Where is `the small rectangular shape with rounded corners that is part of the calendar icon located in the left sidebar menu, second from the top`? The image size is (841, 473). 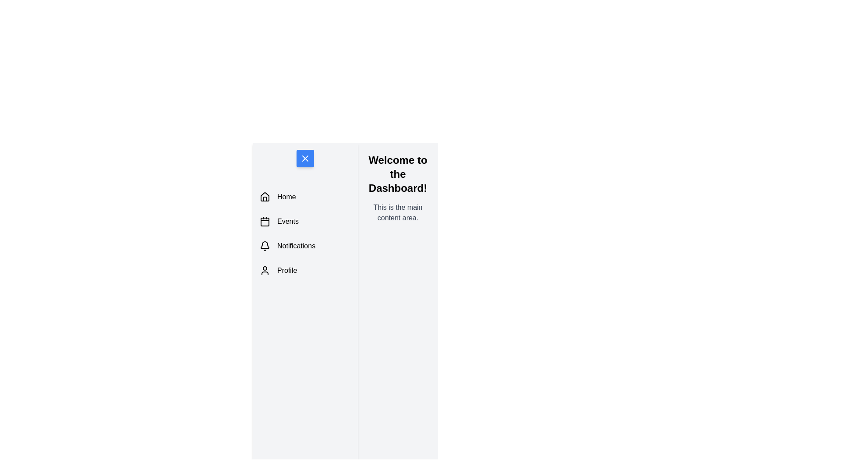
the small rectangular shape with rounded corners that is part of the calendar icon located in the left sidebar menu, second from the top is located at coordinates (264, 221).